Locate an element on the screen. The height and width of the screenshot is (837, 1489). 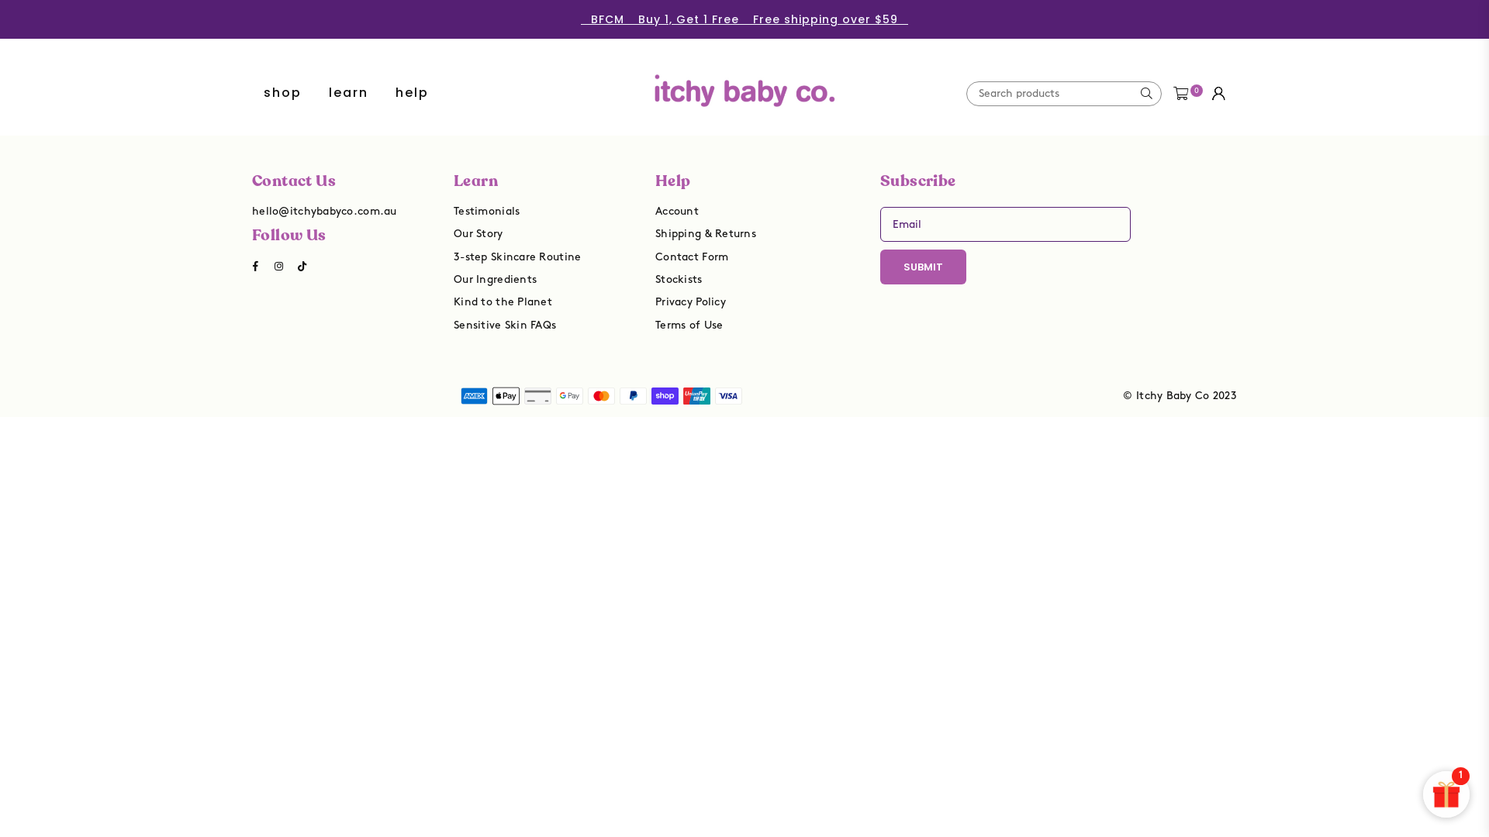
'Shipping & Returns' is located at coordinates (705, 233).